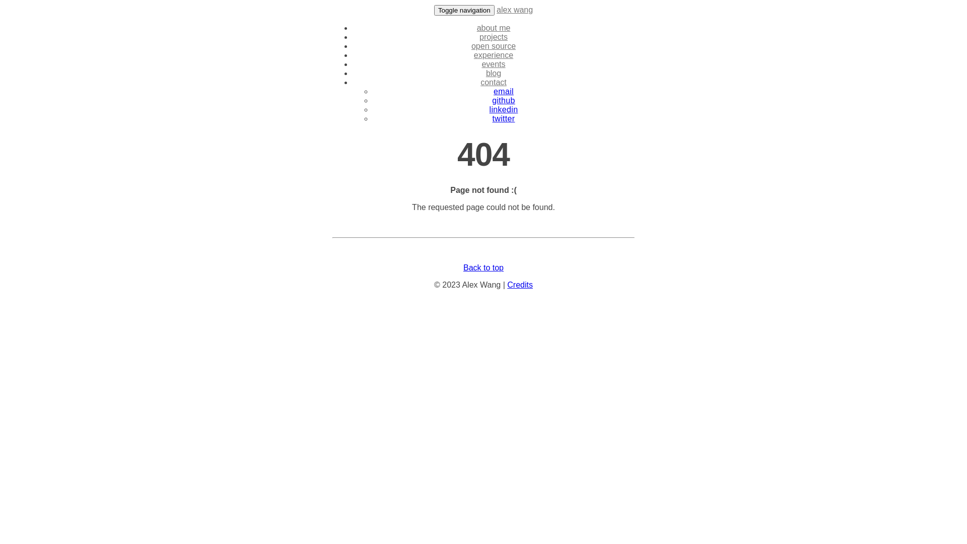  I want to click on 'experience', so click(473, 55).